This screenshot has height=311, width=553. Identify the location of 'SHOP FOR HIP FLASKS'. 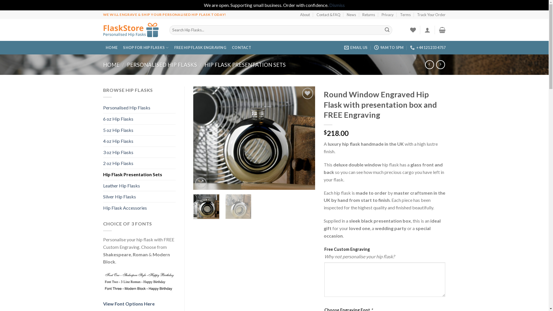
(120, 47).